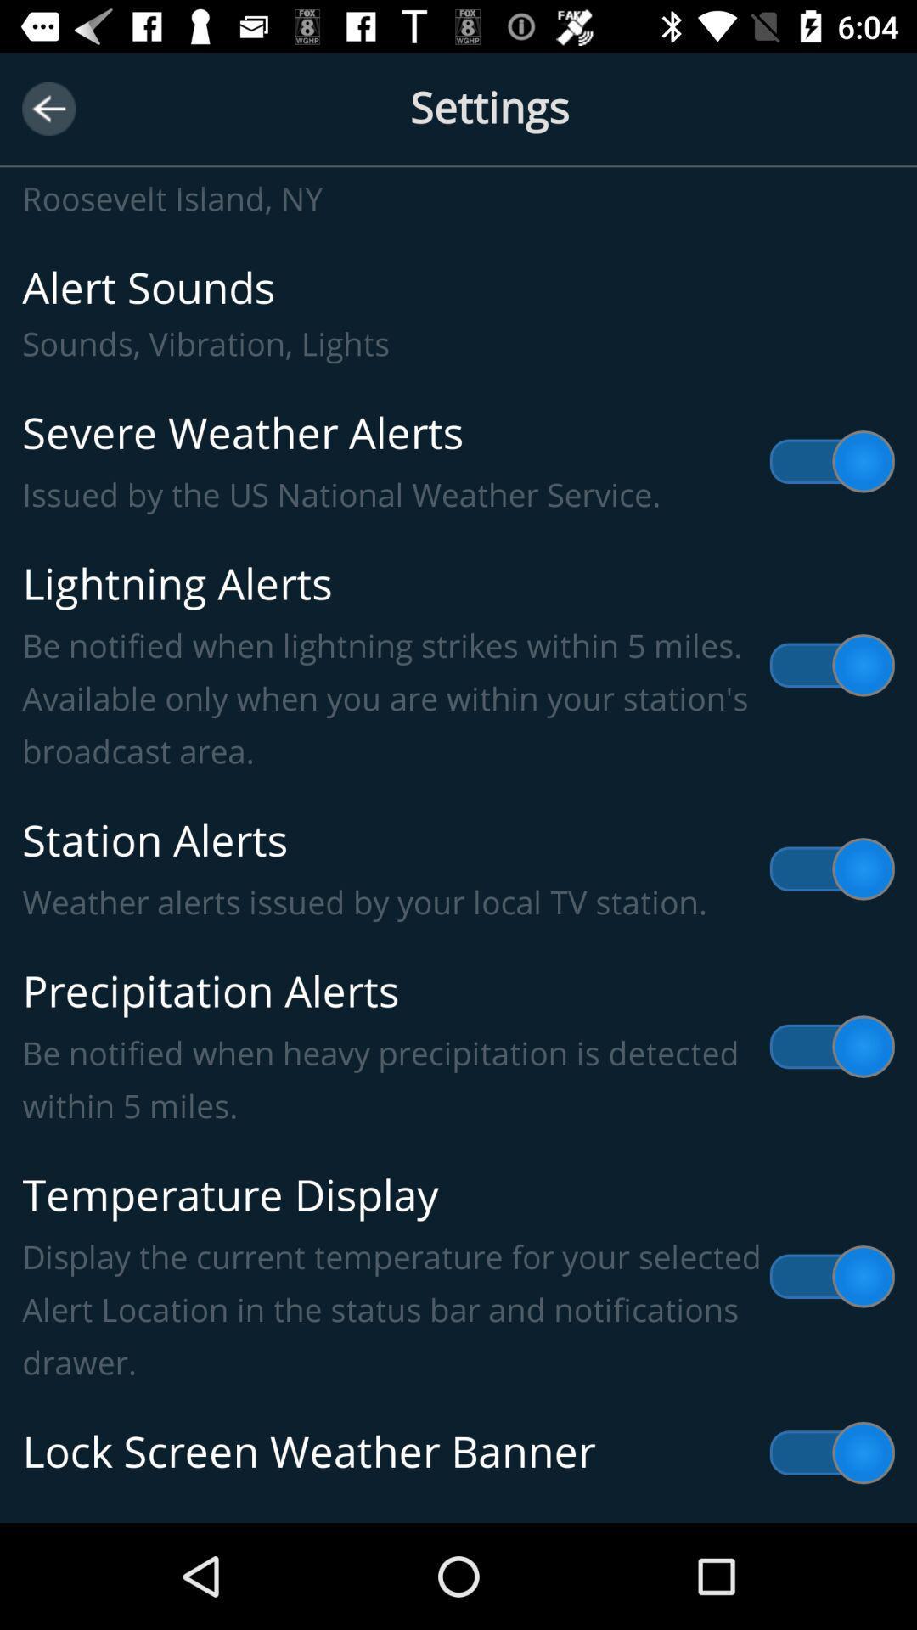  Describe the element at coordinates (458, 1452) in the screenshot. I see `icon below the temperature display display icon` at that location.